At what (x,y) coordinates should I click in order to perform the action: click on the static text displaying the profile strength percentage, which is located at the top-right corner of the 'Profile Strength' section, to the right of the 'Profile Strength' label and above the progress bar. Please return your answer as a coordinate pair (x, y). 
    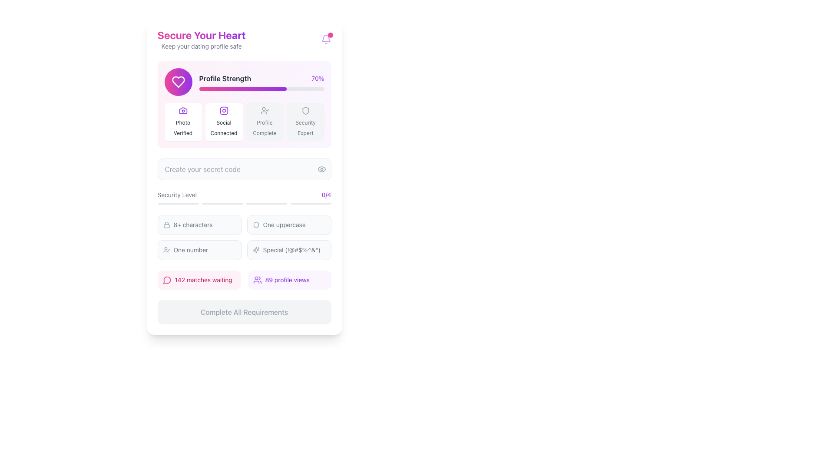
    Looking at the image, I should click on (317, 79).